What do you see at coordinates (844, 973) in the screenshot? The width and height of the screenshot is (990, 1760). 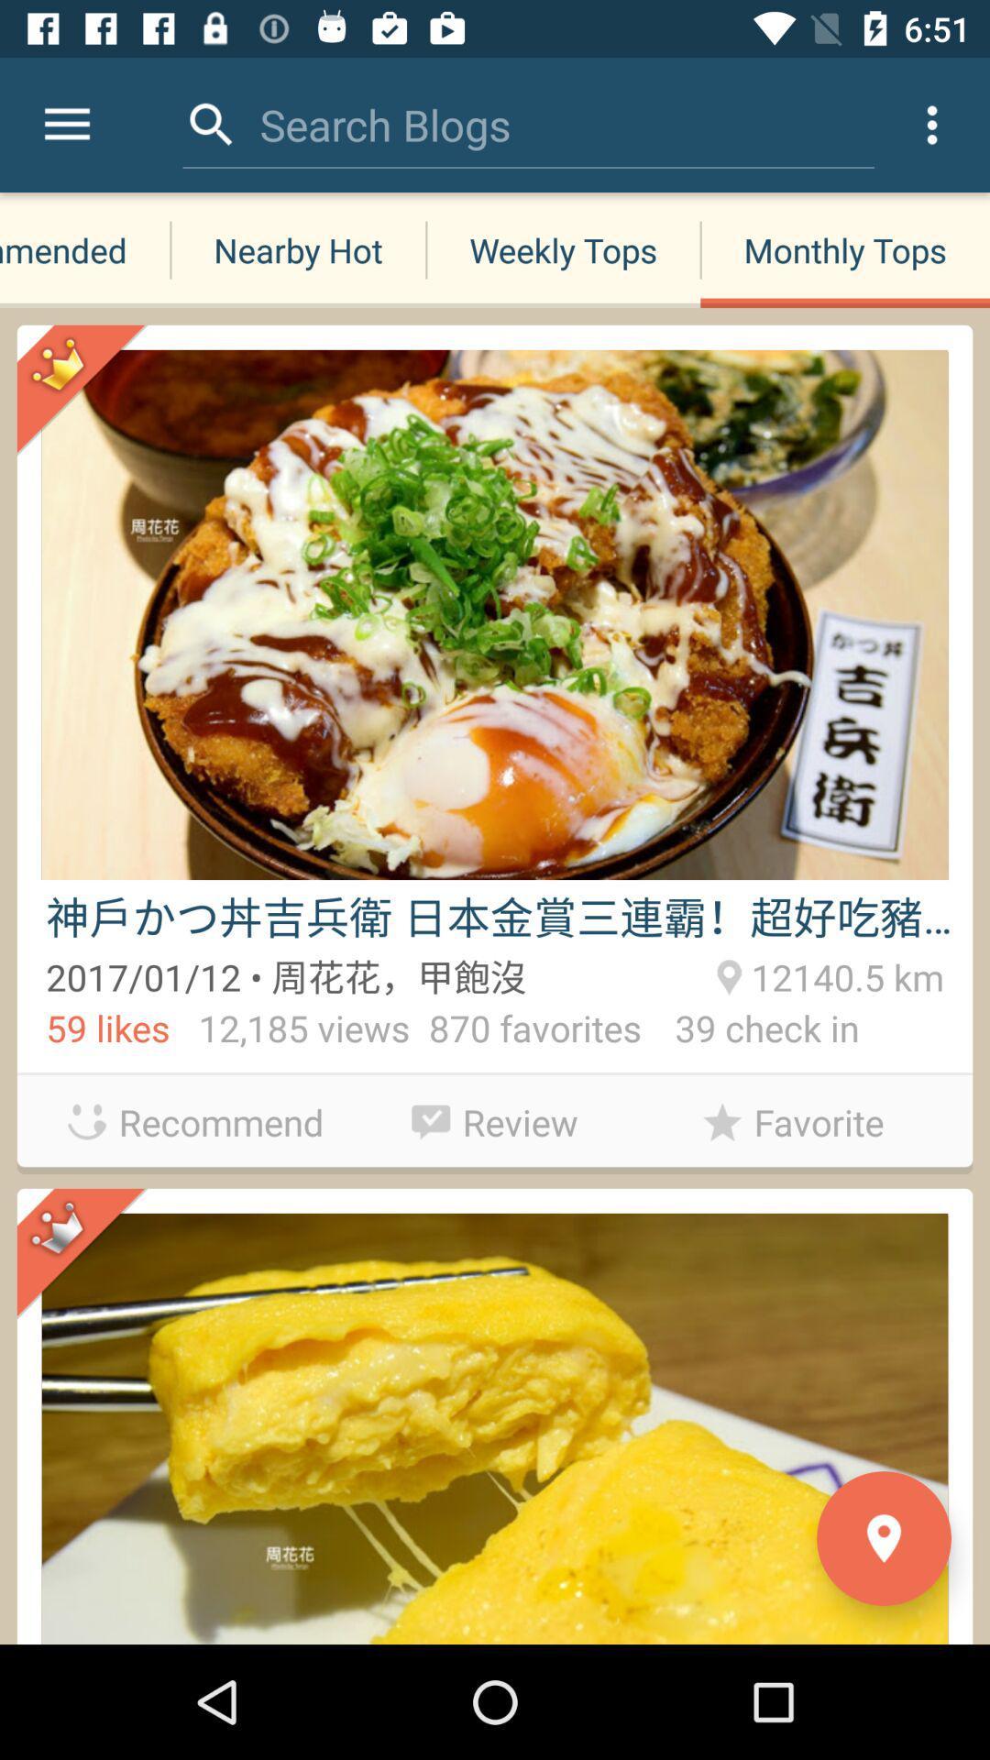 I see `the icon next to 2017 01 12 icon` at bounding box center [844, 973].